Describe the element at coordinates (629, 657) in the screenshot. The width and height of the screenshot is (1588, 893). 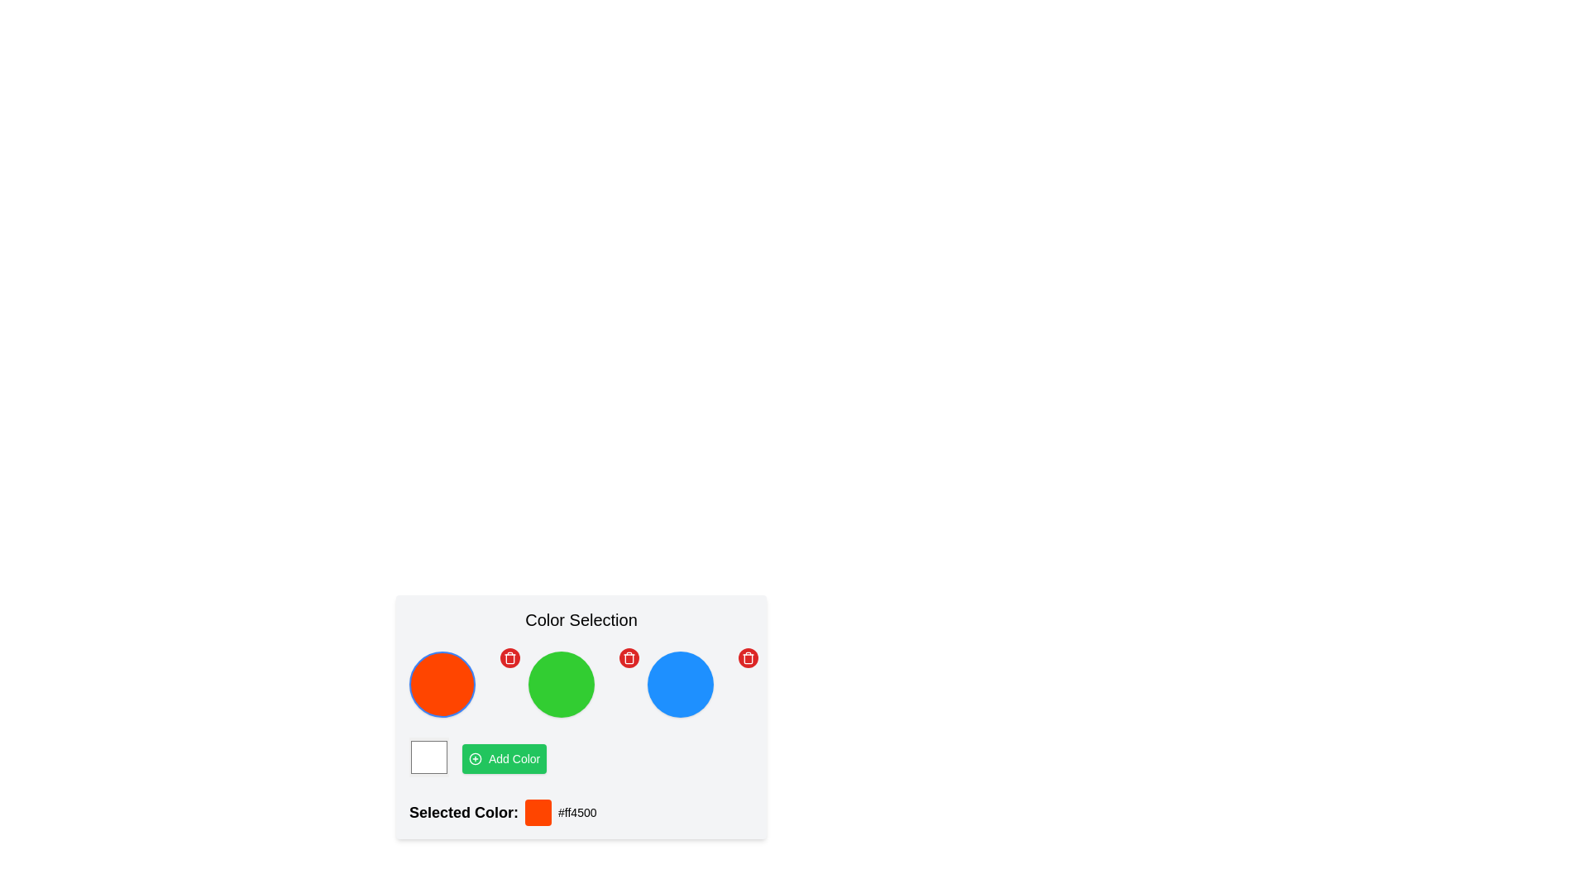
I see `the trash can icon button located in the top-right area, which signifies a delete functionality, to initiate deletion` at that location.